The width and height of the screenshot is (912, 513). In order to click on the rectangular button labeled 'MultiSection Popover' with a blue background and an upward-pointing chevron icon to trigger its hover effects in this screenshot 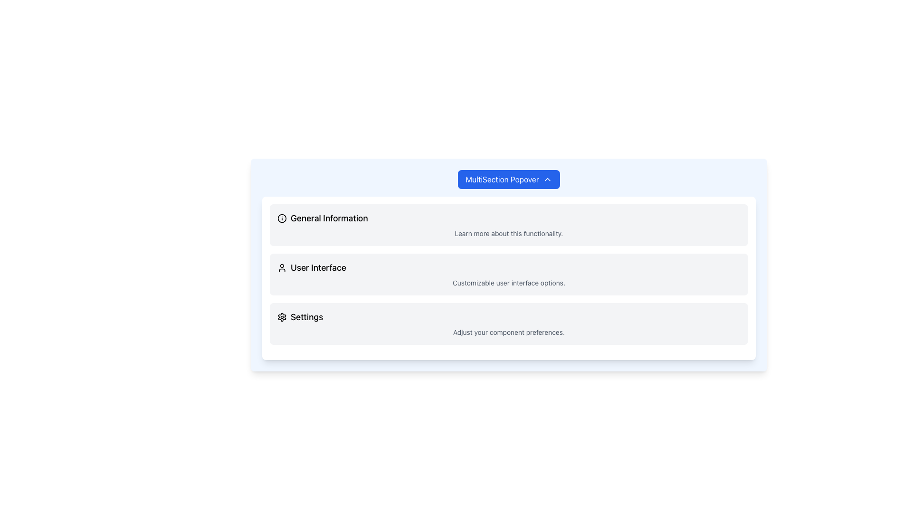, I will do `click(508, 180)`.